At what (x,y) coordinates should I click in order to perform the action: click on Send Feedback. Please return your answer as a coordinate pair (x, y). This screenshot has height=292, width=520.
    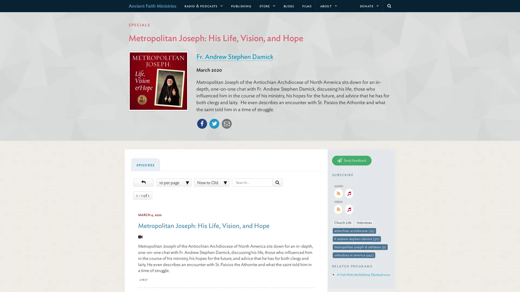
    Looking at the image, I should click on (352, 160).